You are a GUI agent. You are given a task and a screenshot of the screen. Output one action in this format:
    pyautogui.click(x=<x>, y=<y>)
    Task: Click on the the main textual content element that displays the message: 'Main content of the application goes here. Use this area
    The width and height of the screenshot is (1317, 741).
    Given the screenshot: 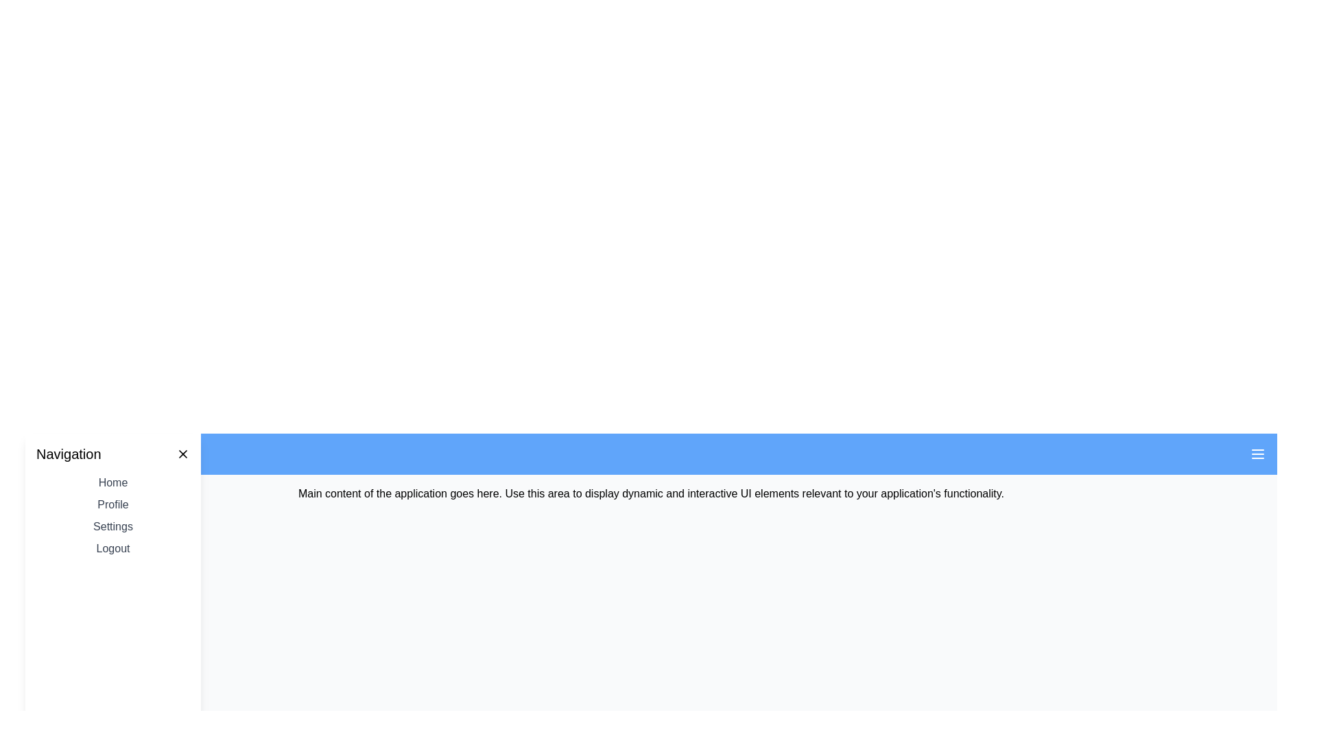 What is the action you would take?
    pyautogui.click(x=650, y=494)
    